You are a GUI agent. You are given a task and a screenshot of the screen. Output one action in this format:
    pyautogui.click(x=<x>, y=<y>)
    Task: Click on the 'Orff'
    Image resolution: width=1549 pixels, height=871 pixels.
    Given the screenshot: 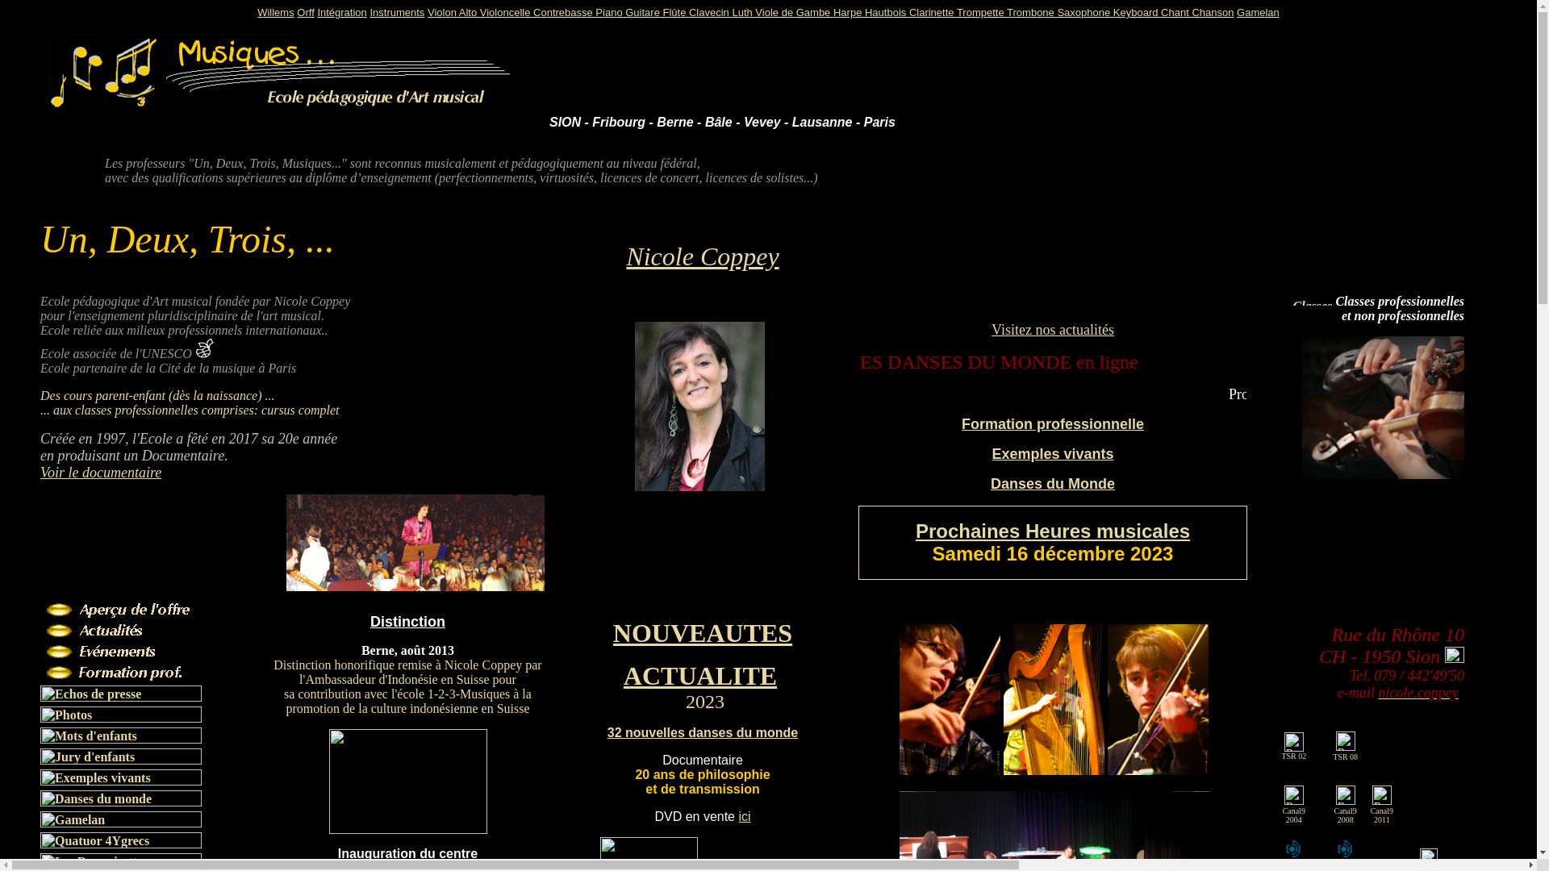 What is the action you would take?
    pyautogui.click(x=305, y=12)
    